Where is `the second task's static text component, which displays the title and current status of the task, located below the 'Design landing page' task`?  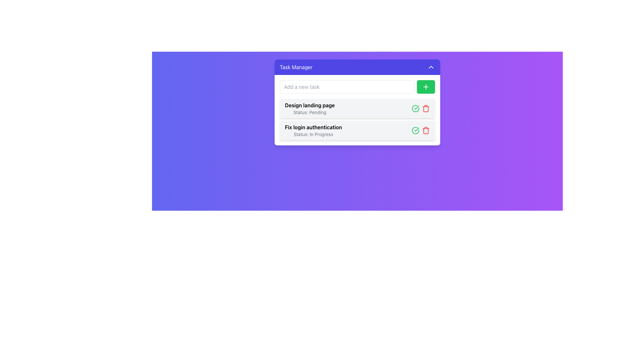 the second task's static text component, which displays the title and current status of the task, located below the 'Design landing page' task is located at coordinates (313, 131).